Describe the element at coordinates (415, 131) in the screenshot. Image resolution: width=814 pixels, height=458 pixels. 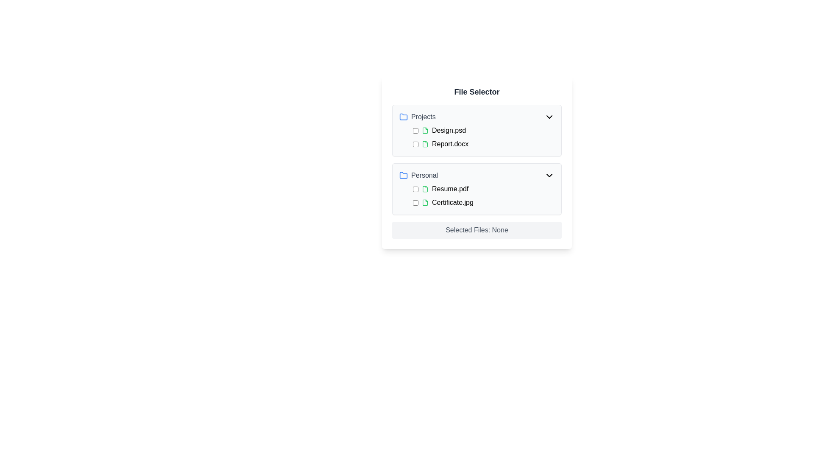
I see `the checkbox for the file 'Design.psd' located in the 'Projects' section of the 'File Selector' interface` at that location.